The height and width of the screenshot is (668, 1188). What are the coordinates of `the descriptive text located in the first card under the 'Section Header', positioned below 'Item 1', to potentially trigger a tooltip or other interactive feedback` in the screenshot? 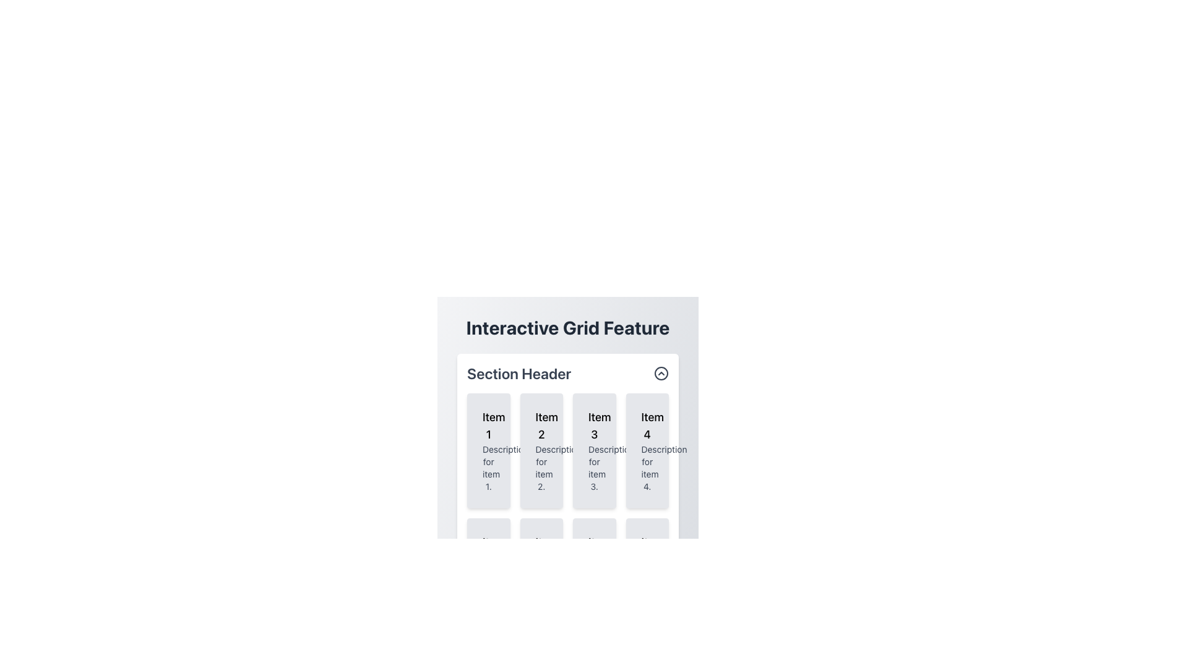 It's located at (488, 468).